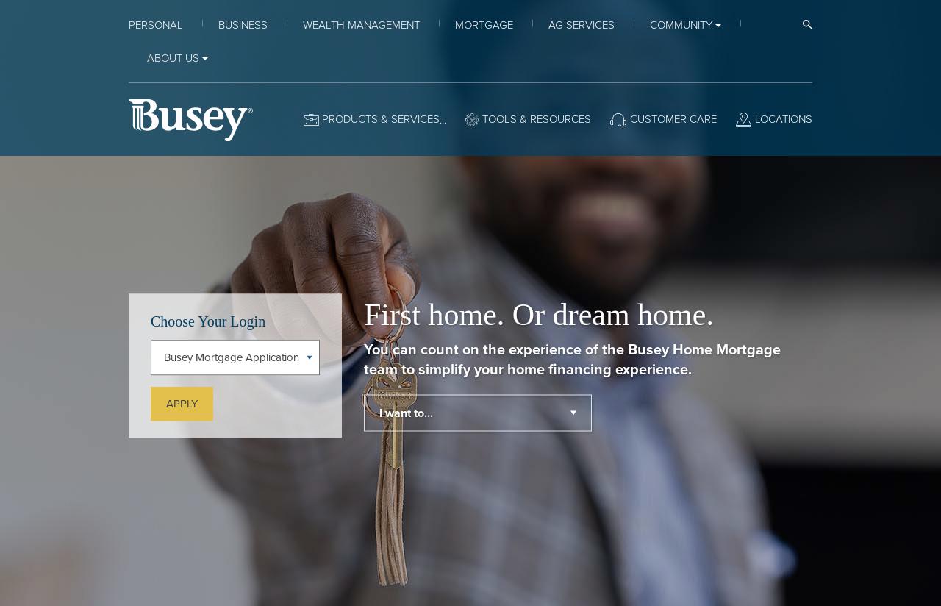 This screenshot has width=941, height=606. Describe the element at coordinates (243, 24) in the screenshot. I see `'Business'` at that location.